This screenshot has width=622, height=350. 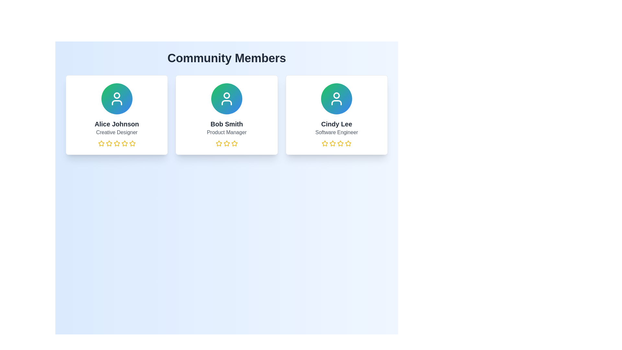 I want to click on the second star in the rating system under the profile card titled 'Alice Johnson, Creative Designer', so click(x=109, y=143).